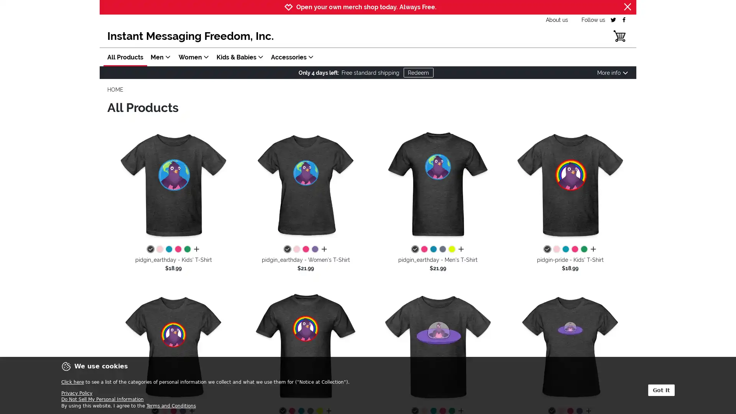 This screenshot has width=736, height=414. What do you see at coordinates (423, 250) in the screenshot?
I see `fuchsia` at bounding box center [423, 250].